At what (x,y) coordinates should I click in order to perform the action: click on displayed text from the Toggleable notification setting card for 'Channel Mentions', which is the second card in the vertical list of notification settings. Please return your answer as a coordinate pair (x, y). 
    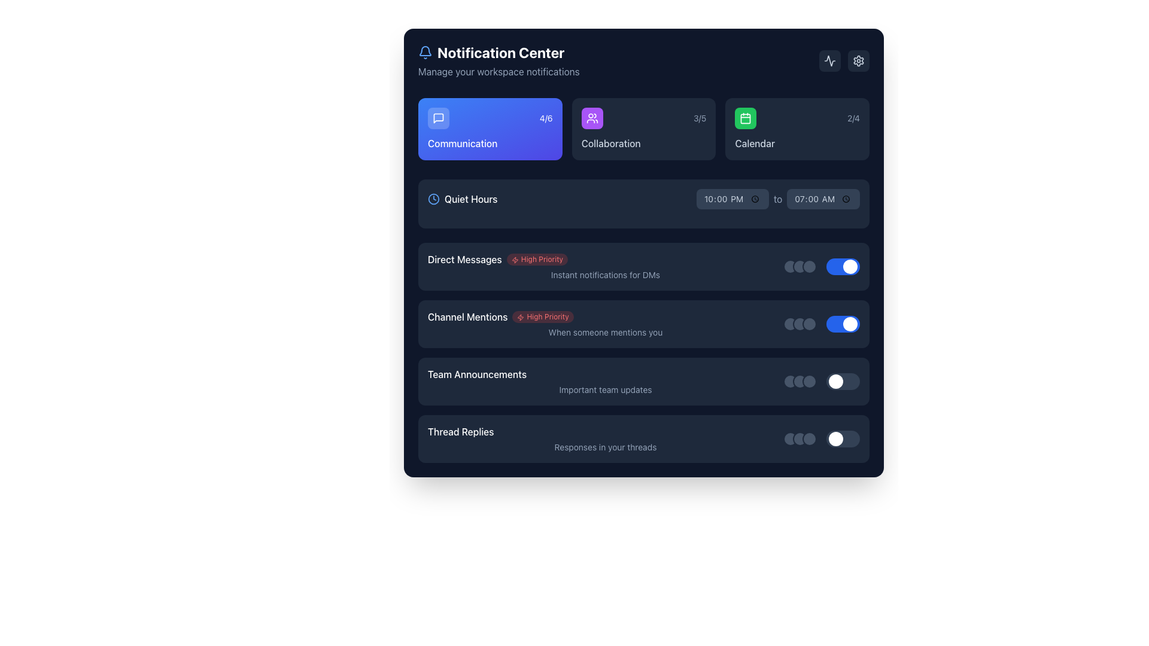
    Looking at the image, I should click on (643, 324).